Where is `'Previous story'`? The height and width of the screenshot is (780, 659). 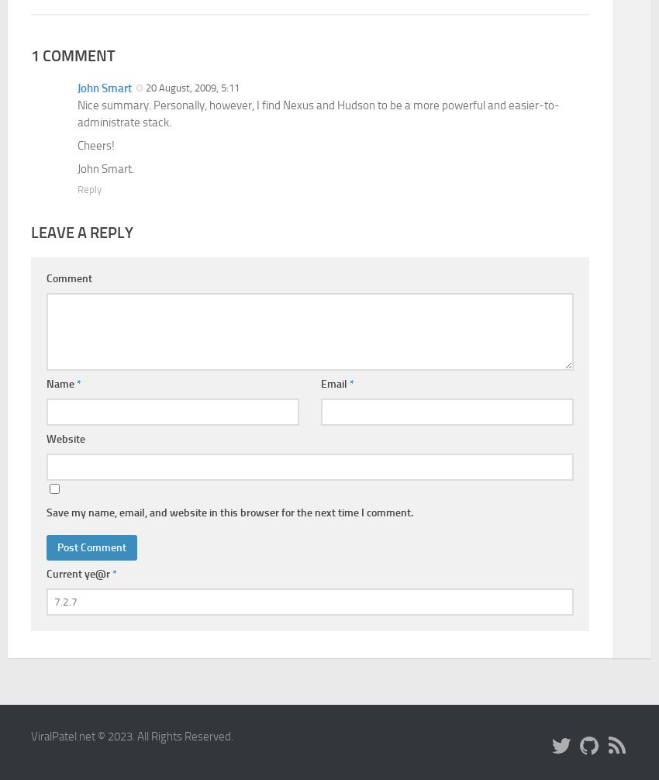
'Previous story' is located at coordinates (176, 247).